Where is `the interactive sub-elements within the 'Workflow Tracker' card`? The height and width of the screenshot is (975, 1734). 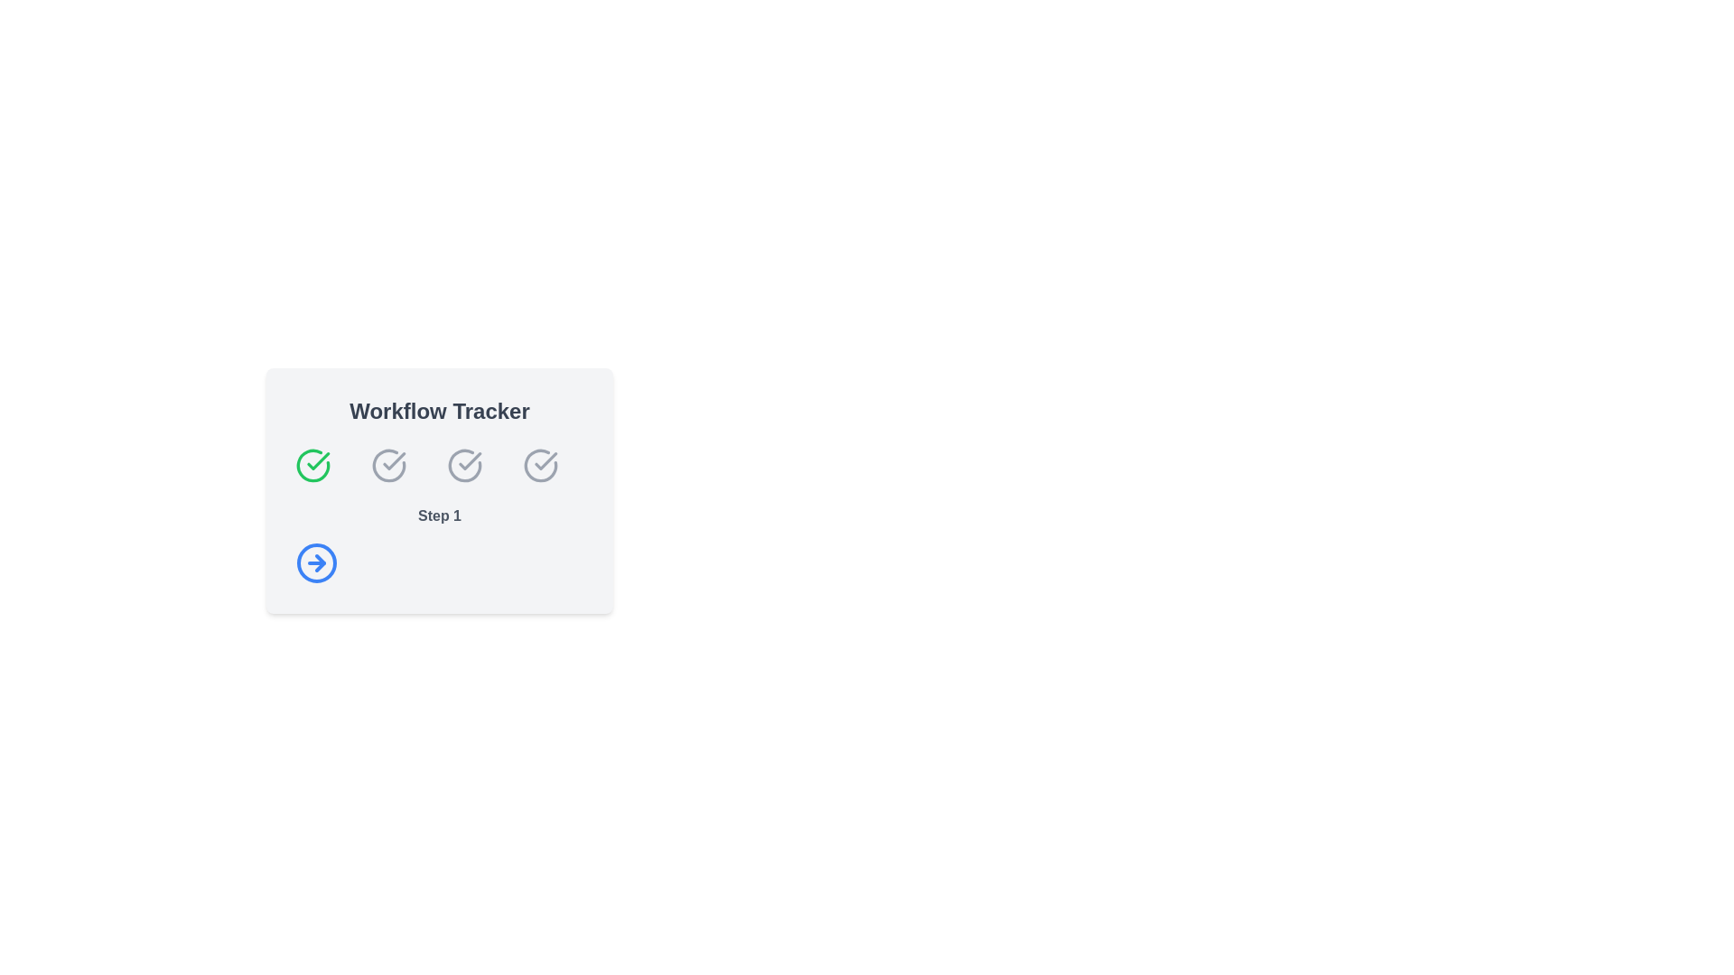 the interactive sub-elements within the 'Workflow Tracker' card is located at coordinates (439, 490).